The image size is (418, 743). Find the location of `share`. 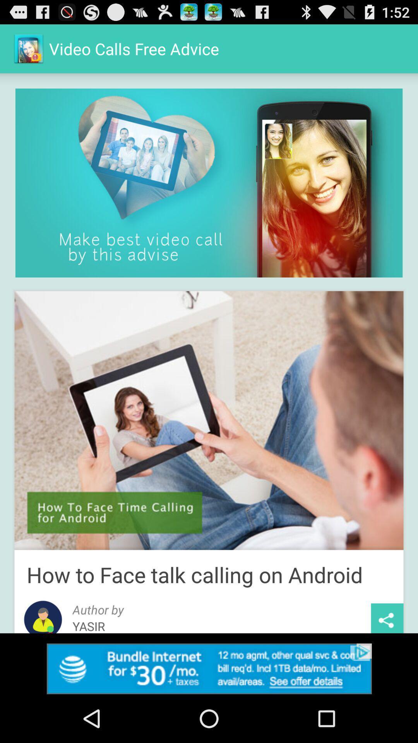

share is located at coordinates (387, 618).